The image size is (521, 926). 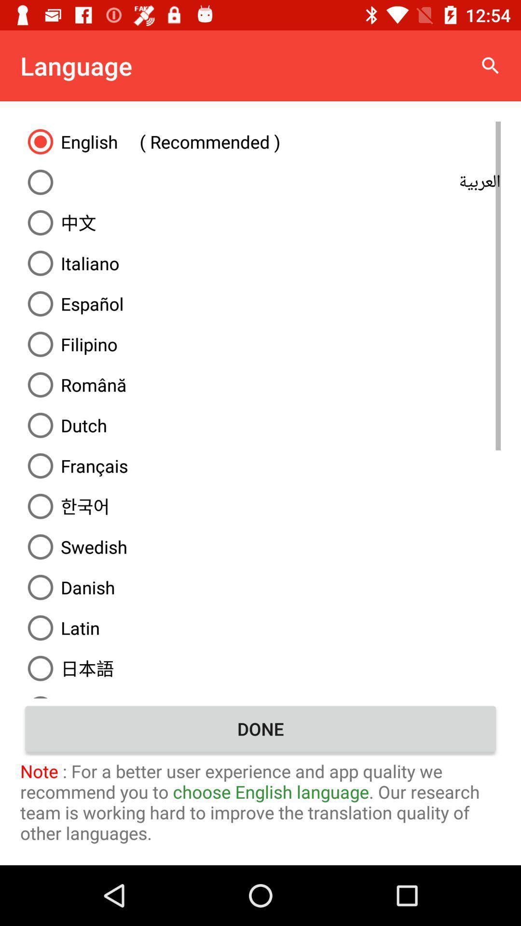 I want to click on filipino, so click(x=260, y=344).